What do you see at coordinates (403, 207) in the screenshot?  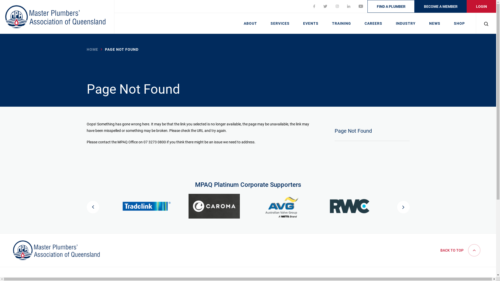 I see `'Next'` at bounding box center [403, 207].